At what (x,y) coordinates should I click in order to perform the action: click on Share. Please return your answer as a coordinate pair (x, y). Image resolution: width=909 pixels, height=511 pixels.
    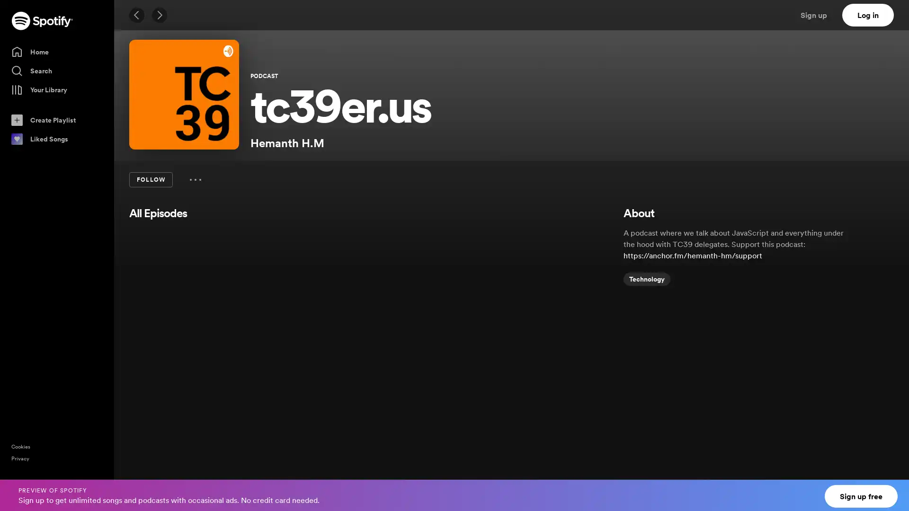
    Looking at the image, I should click on (559, 419).